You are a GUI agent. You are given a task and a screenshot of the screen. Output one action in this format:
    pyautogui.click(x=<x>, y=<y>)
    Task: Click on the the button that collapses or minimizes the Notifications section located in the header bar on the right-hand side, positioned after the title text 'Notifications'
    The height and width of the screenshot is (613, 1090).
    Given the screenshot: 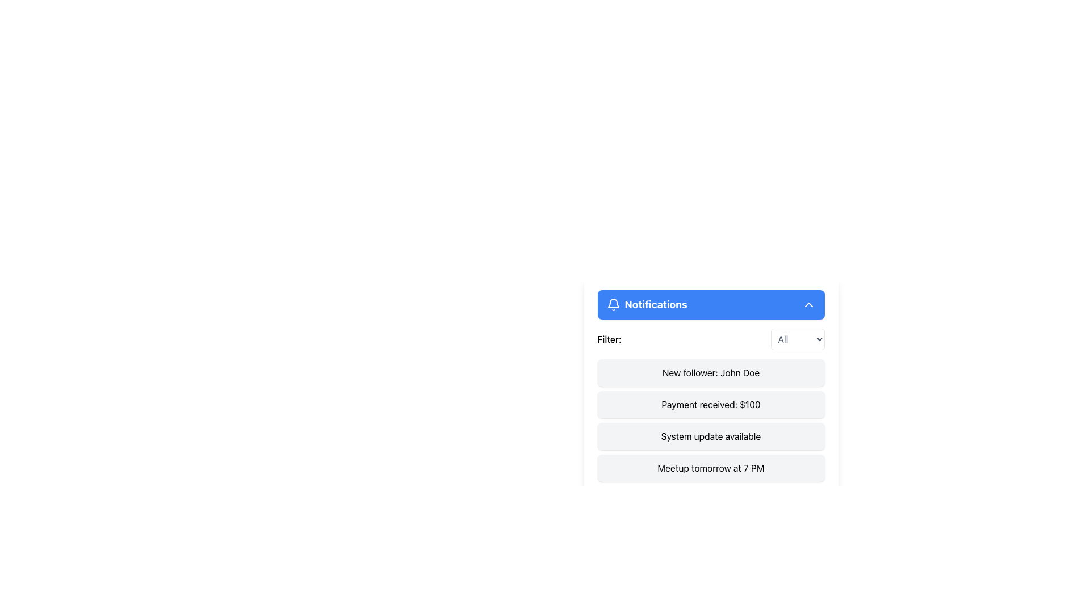 What is the action you would take?
    pyautogui.click(x=808, y=304)
    